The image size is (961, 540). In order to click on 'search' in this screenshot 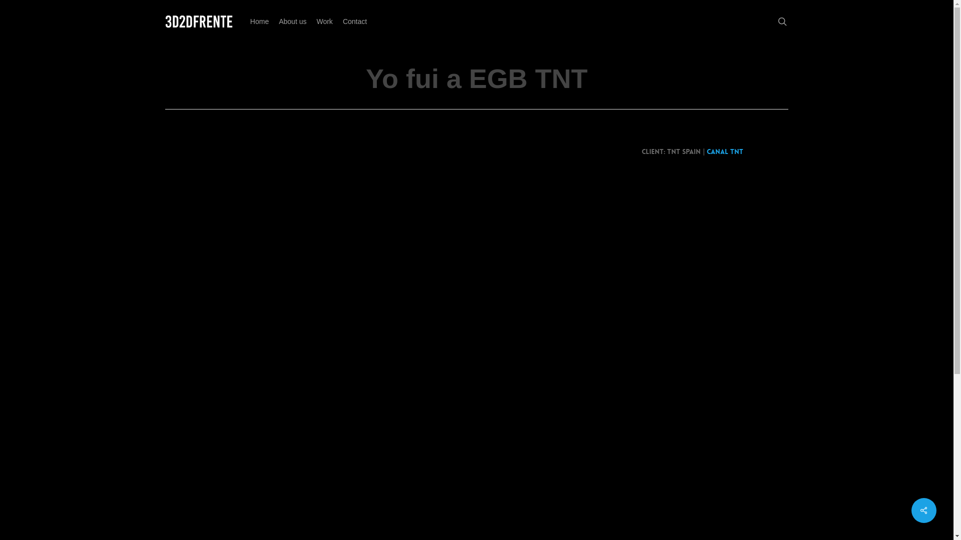, I will do `click(782, 21)`.